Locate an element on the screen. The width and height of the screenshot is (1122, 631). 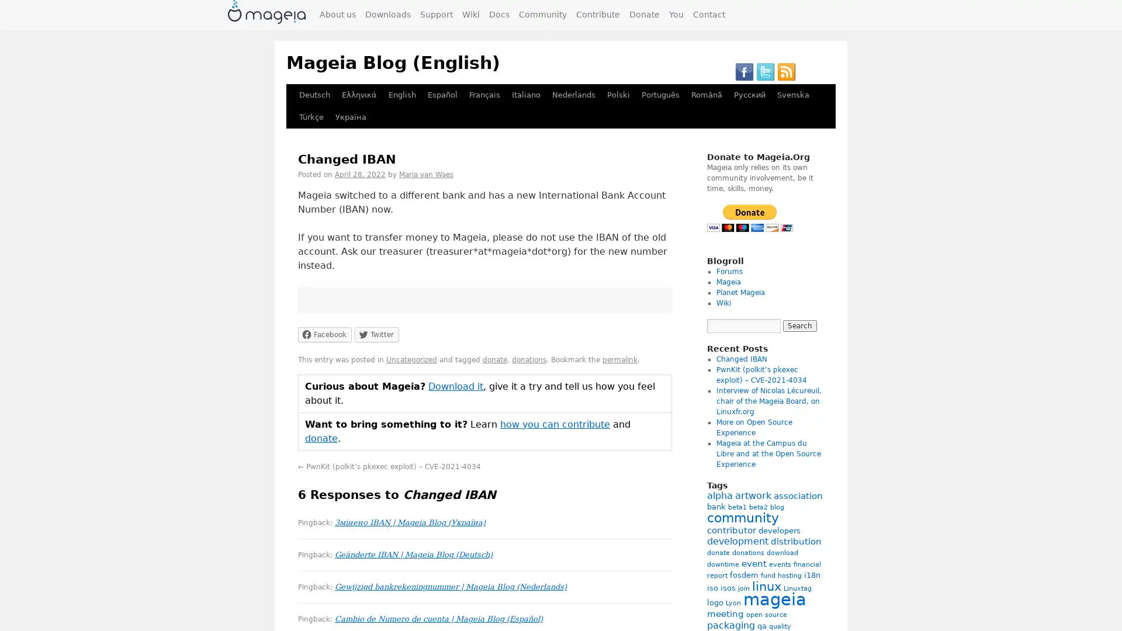
PayPal - The safer, easier way to pay online! is located at coordinates (750, 218).